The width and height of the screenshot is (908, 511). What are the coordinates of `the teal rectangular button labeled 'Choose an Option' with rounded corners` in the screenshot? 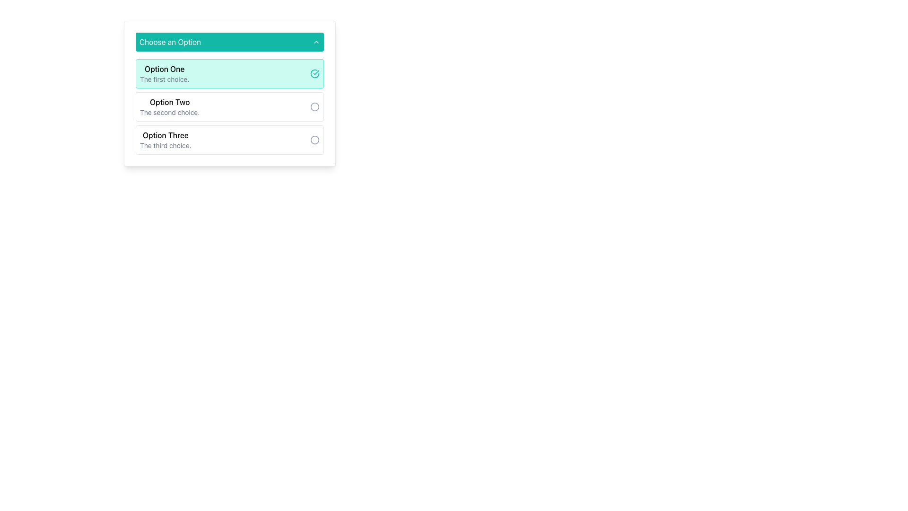 It's located at (229, 41).